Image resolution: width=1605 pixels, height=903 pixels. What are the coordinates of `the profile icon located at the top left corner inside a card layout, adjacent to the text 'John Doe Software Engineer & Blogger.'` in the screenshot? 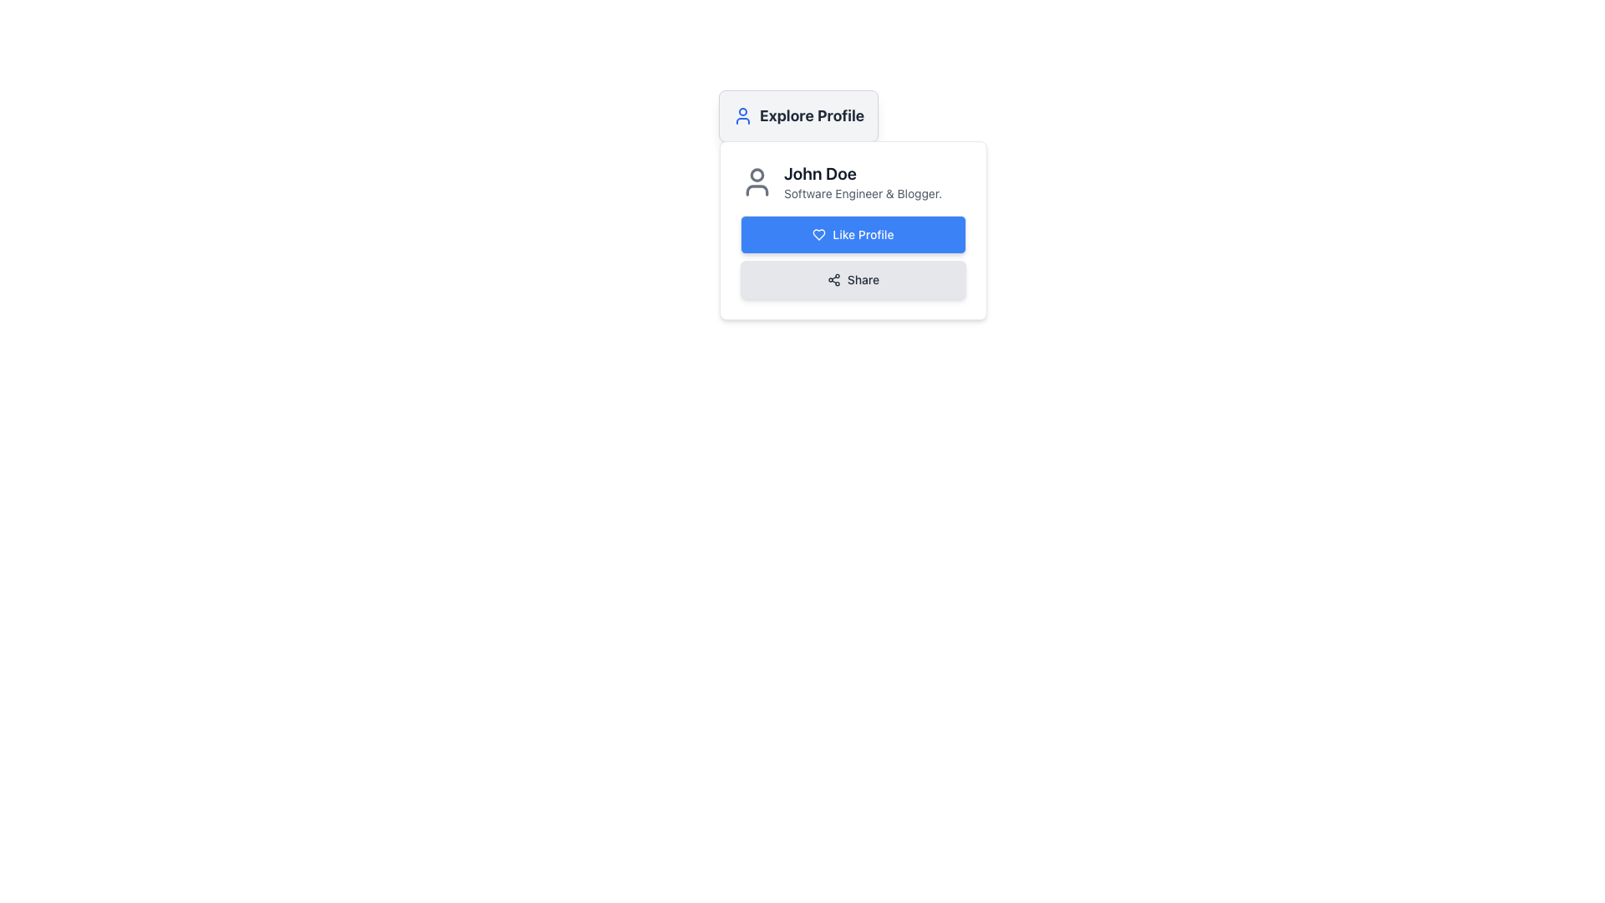 It's located at (756, 182).